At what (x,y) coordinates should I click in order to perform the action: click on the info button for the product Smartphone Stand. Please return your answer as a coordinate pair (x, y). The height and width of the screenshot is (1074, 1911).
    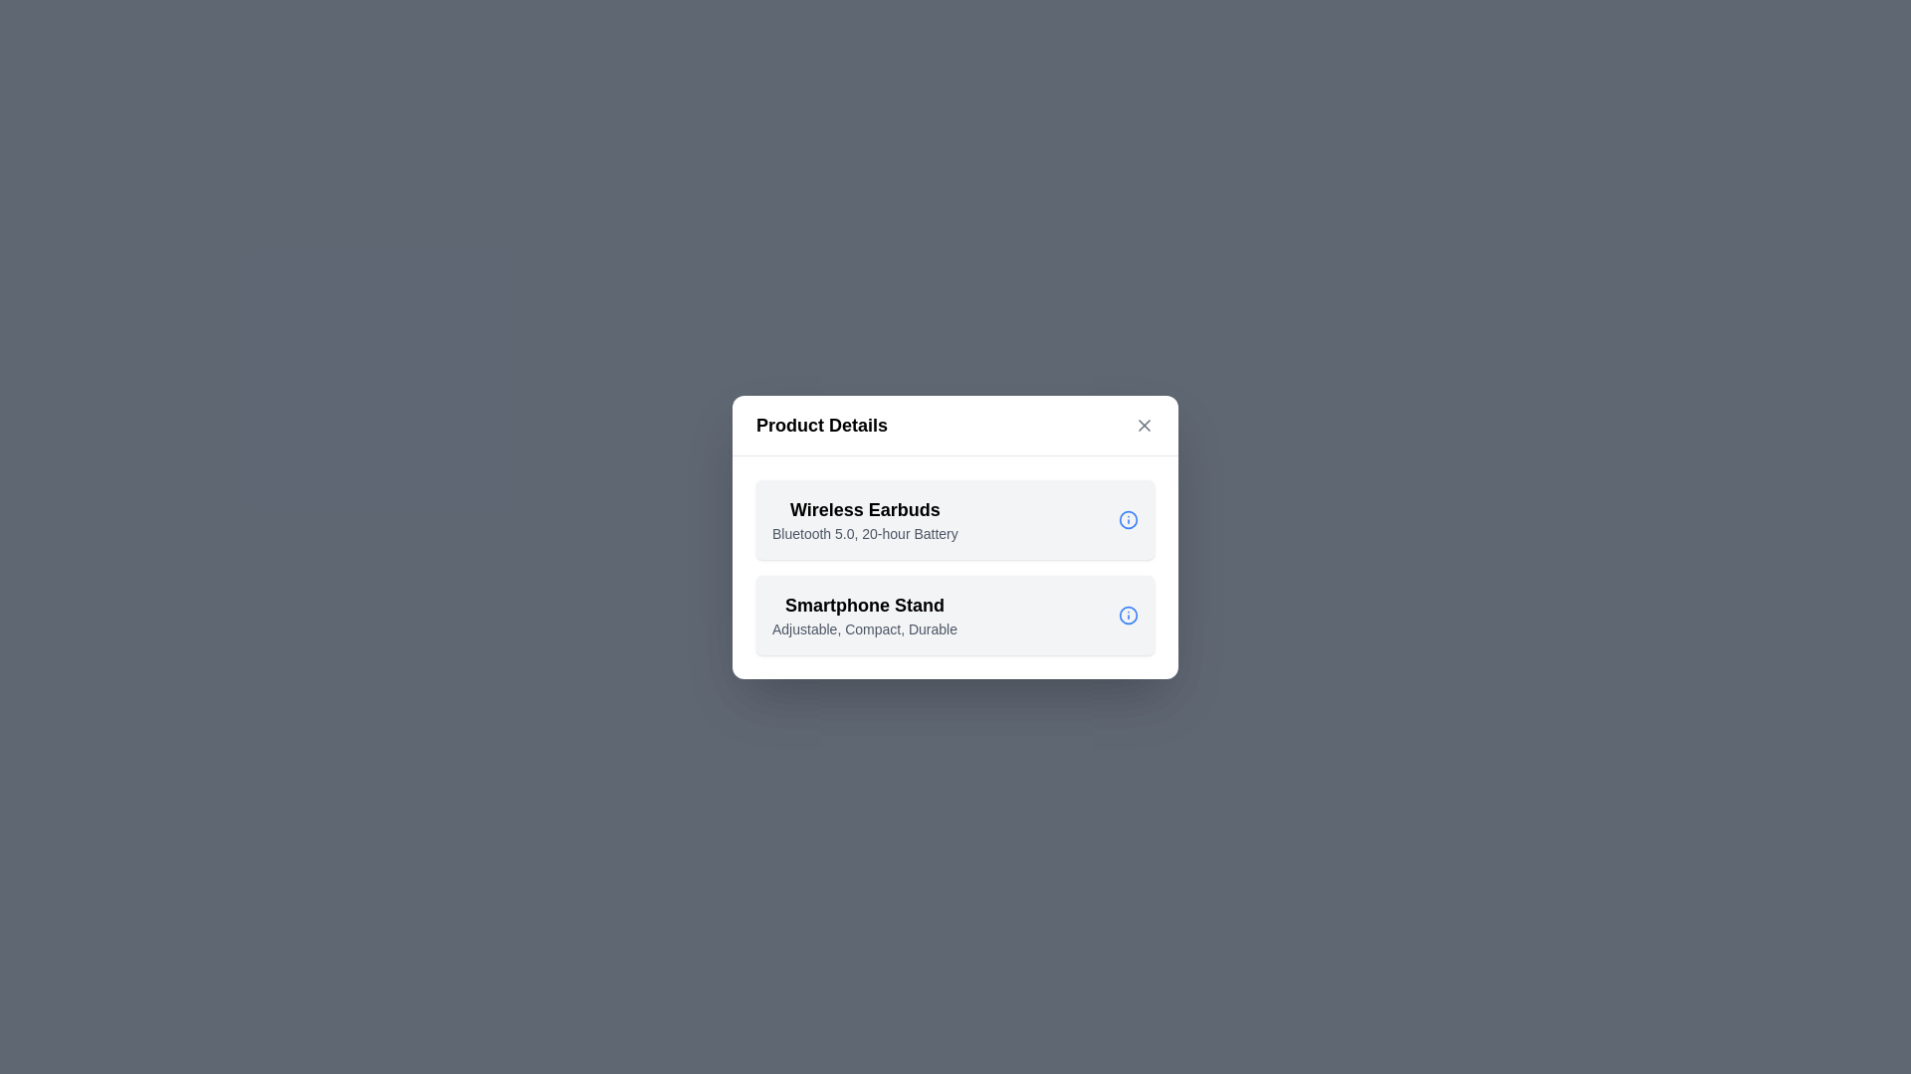
    Looking at the image, I should click on (1128, 614).